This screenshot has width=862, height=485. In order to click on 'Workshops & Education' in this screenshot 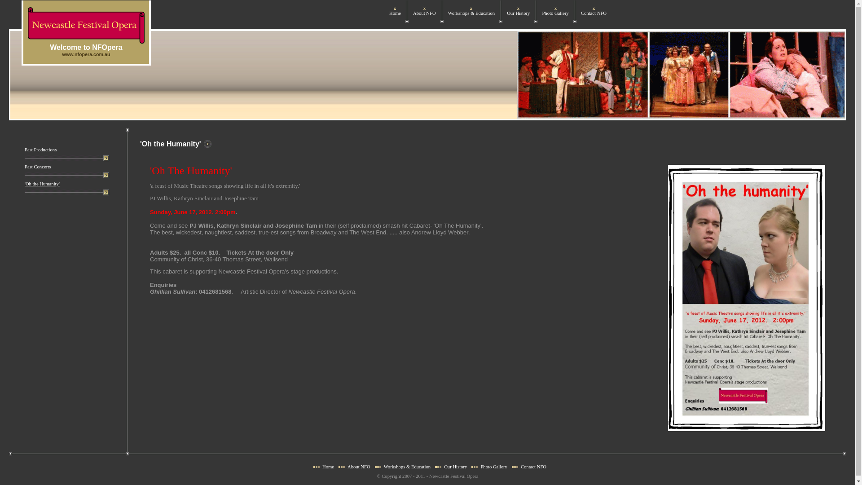, I will do `click(471, 13)`.